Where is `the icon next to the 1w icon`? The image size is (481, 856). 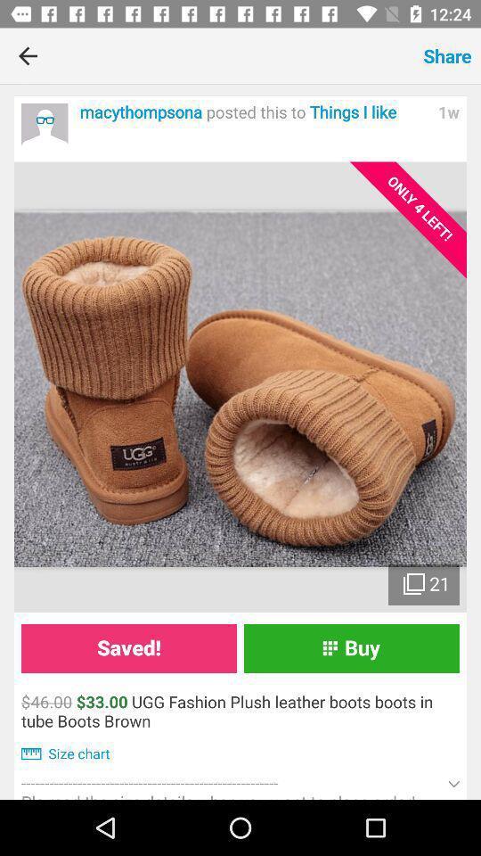 the icon next to the 1w icon is located at coordinates (253, 111).